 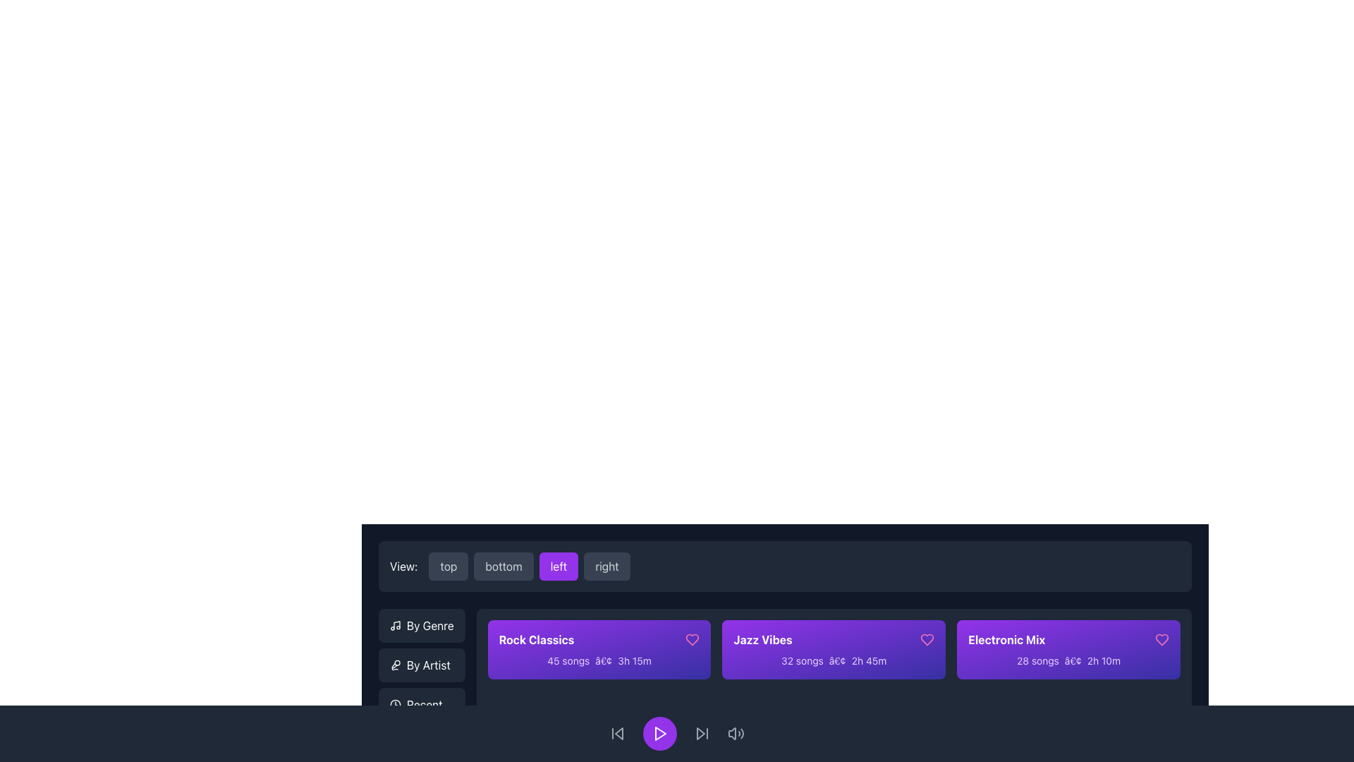 What do you see at coordinates (1068, 661) in the screenshot?
I see `the static text label displaying '28 songs • 2h 10m', which is located below the title 'Electronic Mix' in the third playlist card` at bounding box center [1068, 661].